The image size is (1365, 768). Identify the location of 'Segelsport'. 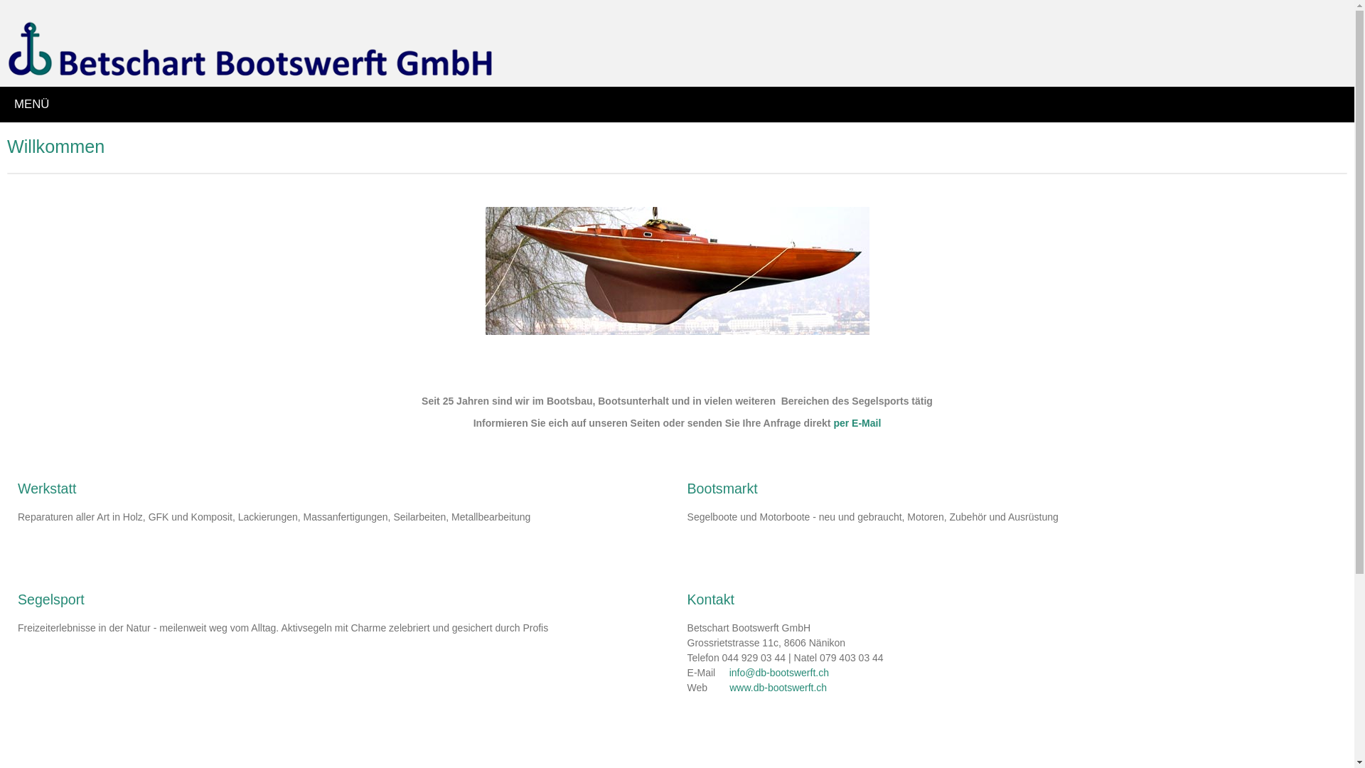
(51, 599).